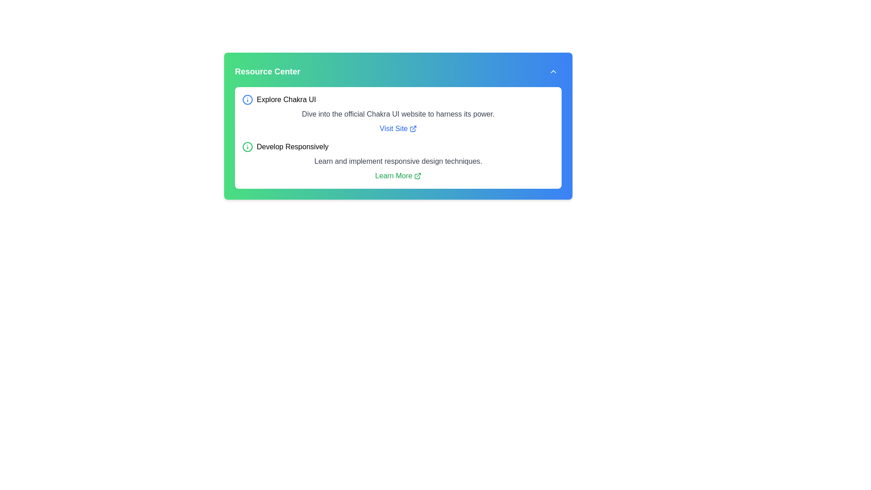 Image resolution: width=871 pixels, height=490 pixels. Describe the element at coordinates (398, 113) in the screenshot. I see `the descriptive text reading 'Dive into the official Chakra UI website to harness its power', which is gray and aligned to the left, located between the title 'Explore Chakra UI' and the button 'Visit Site'` at that location.